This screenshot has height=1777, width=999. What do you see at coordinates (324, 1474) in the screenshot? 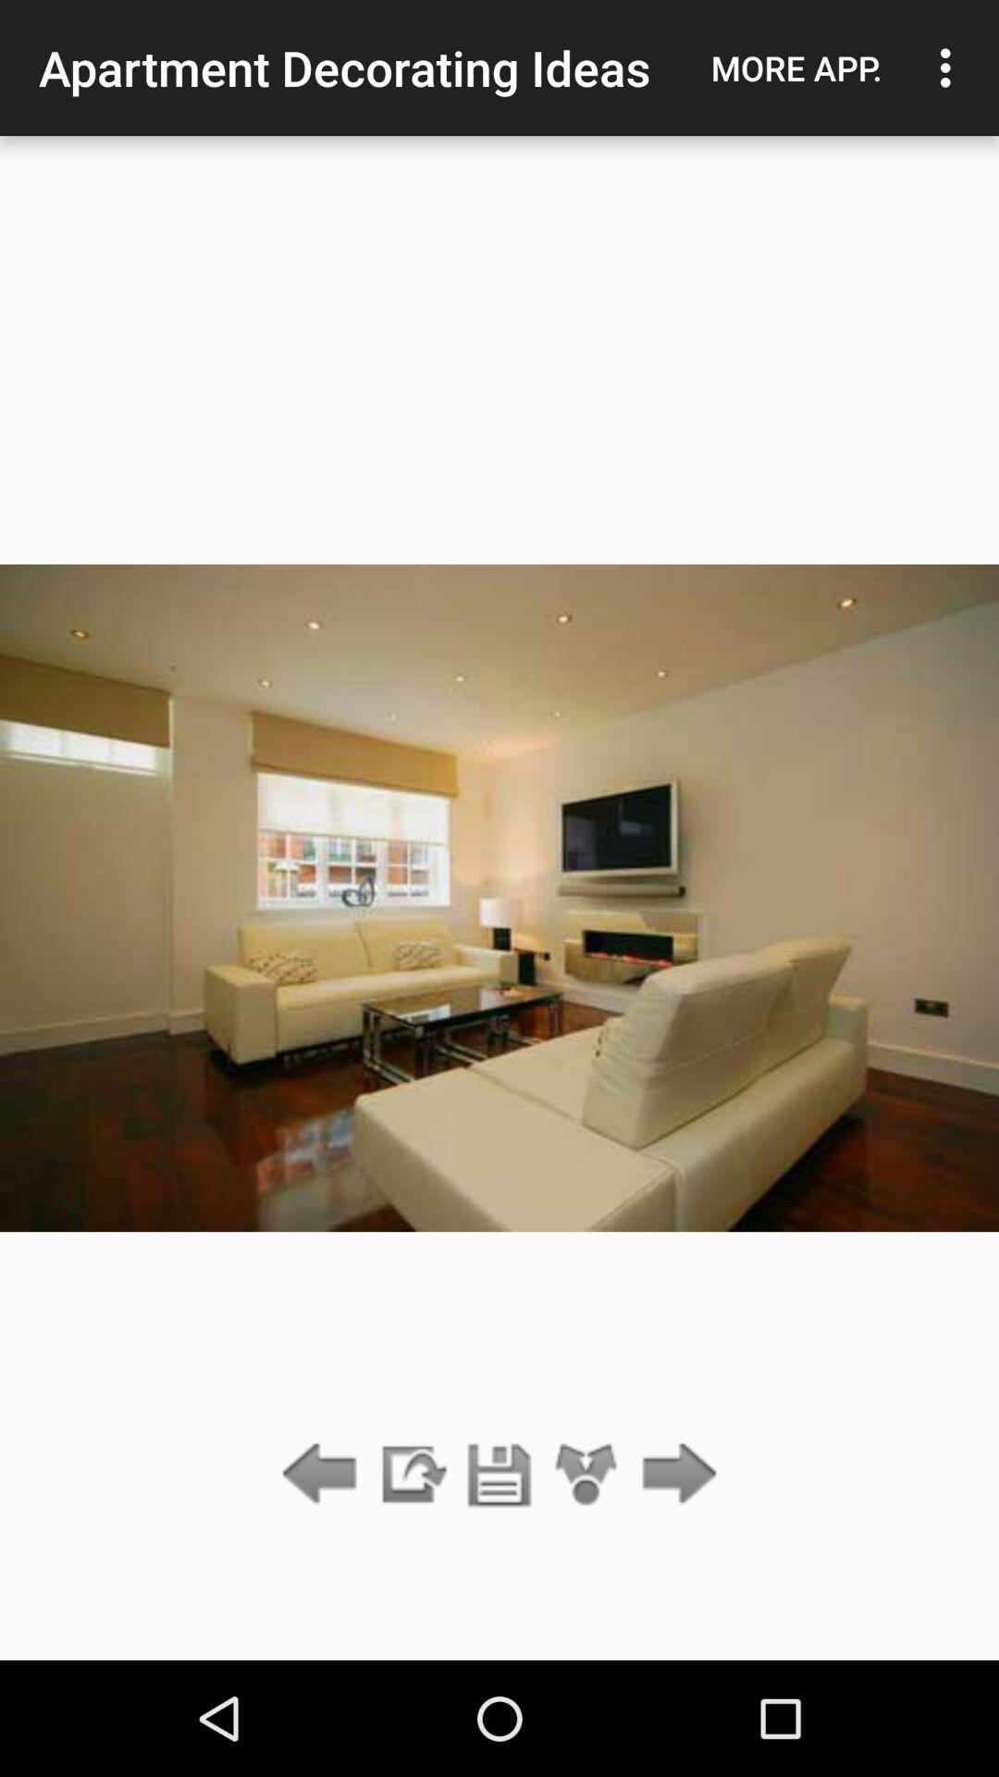
I see `the arrow_backward icon` at bounding box center [324, 1474].